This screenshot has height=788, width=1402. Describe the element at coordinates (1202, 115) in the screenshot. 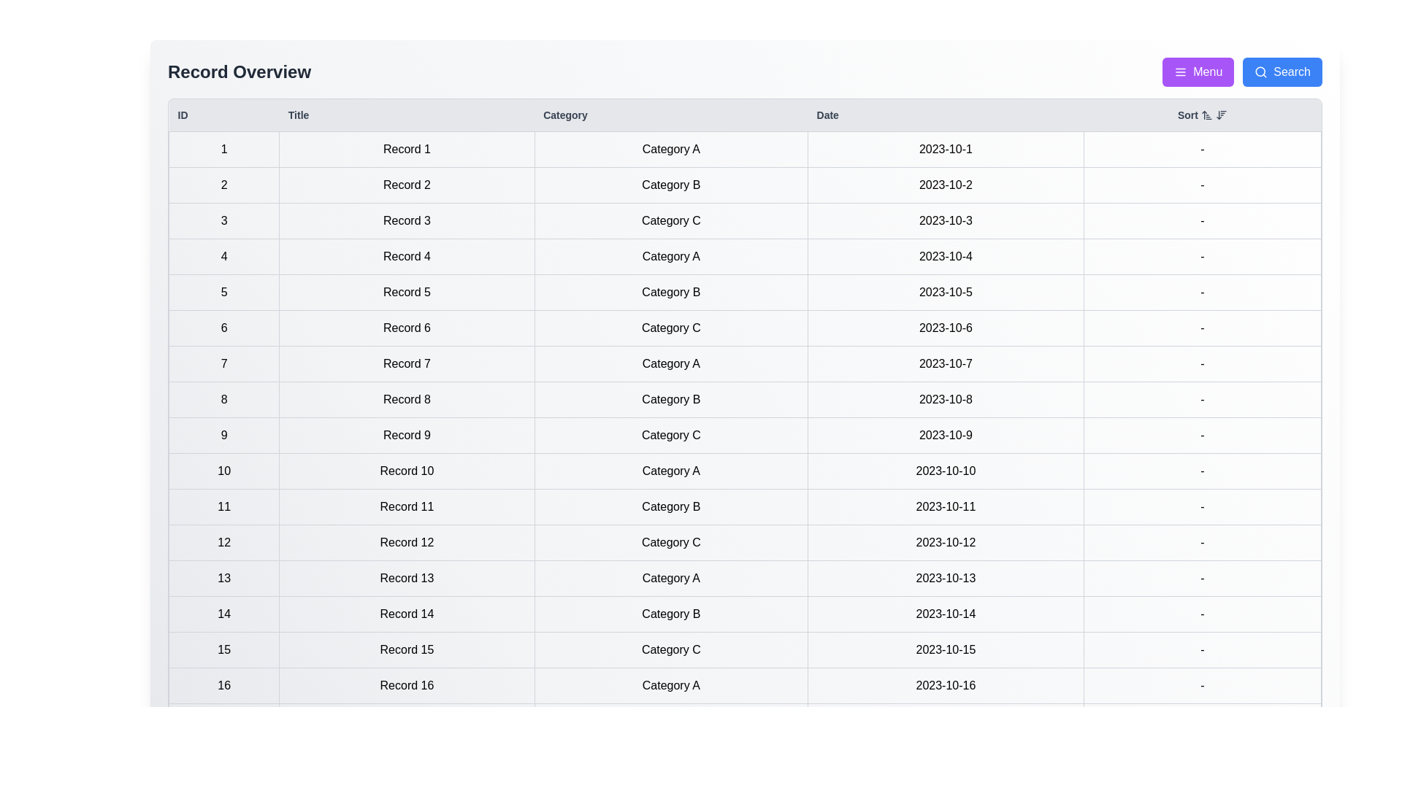

I see `the 'Sort' header to sort the table` at that location.